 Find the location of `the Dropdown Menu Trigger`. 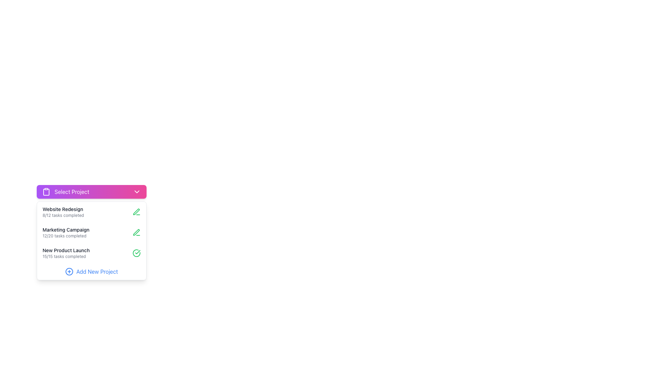

the Dropdown Menu Trigger is located at coordinates (91, 192).